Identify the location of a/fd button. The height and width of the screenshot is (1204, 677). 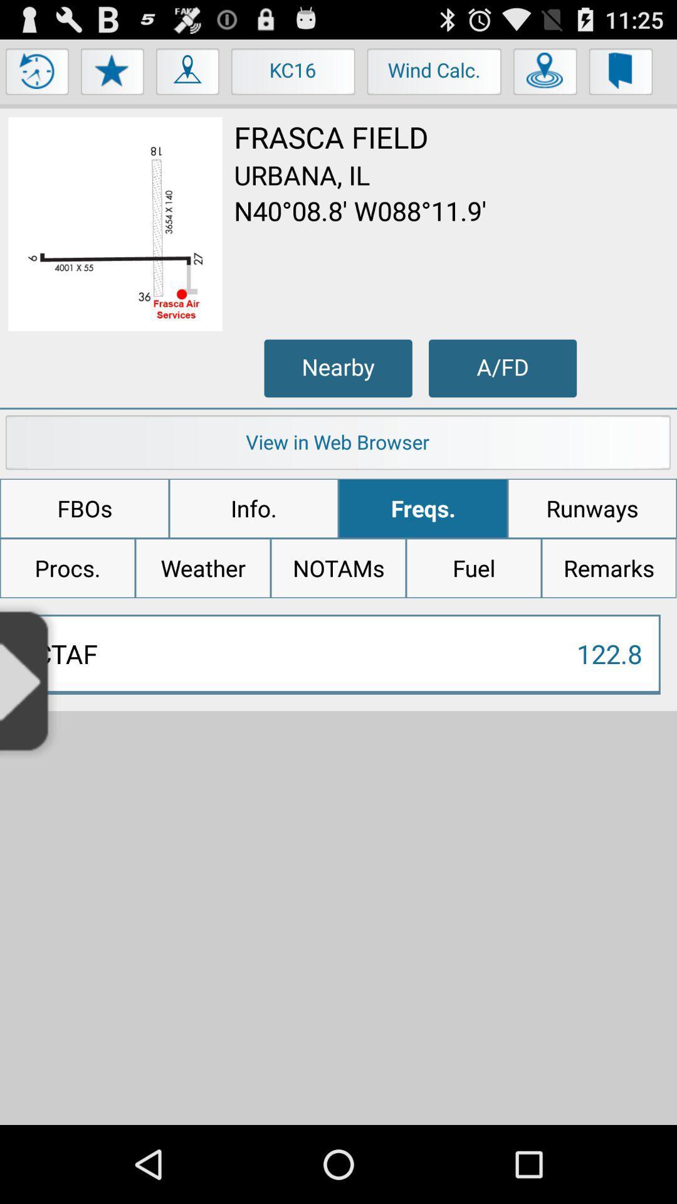
(502, 367).